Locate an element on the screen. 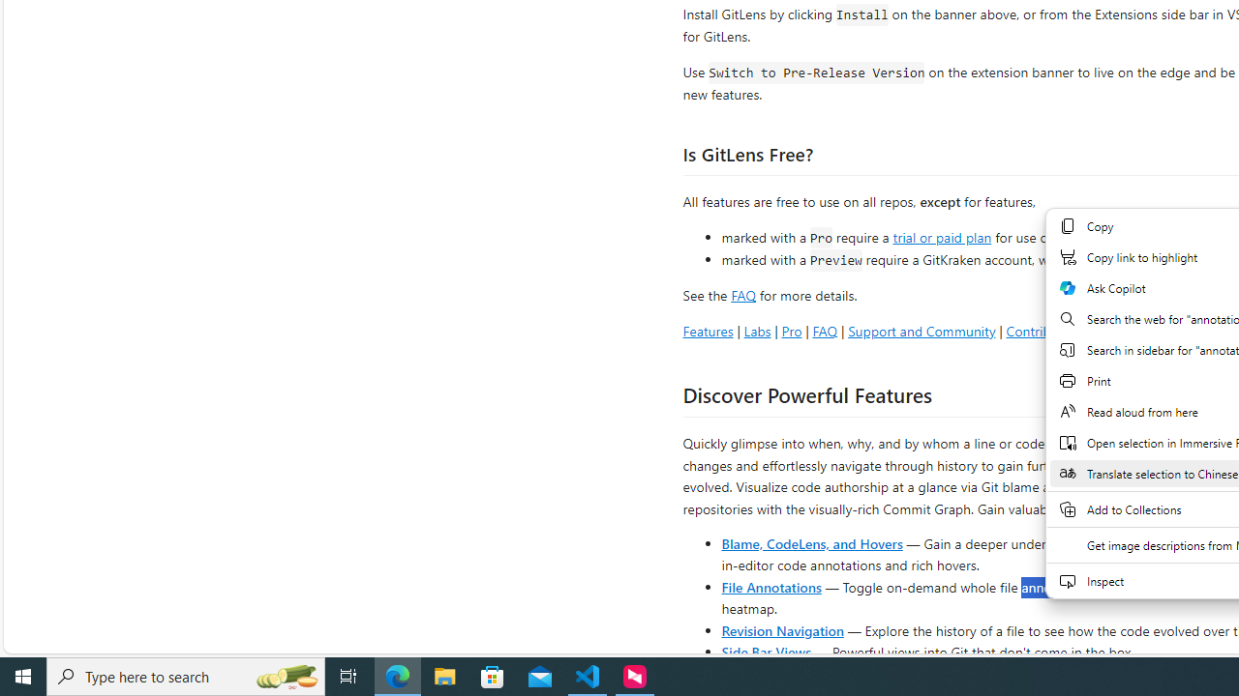 The image size is (1239, 696). 'FAQ' is located at coordinates (825, 330).